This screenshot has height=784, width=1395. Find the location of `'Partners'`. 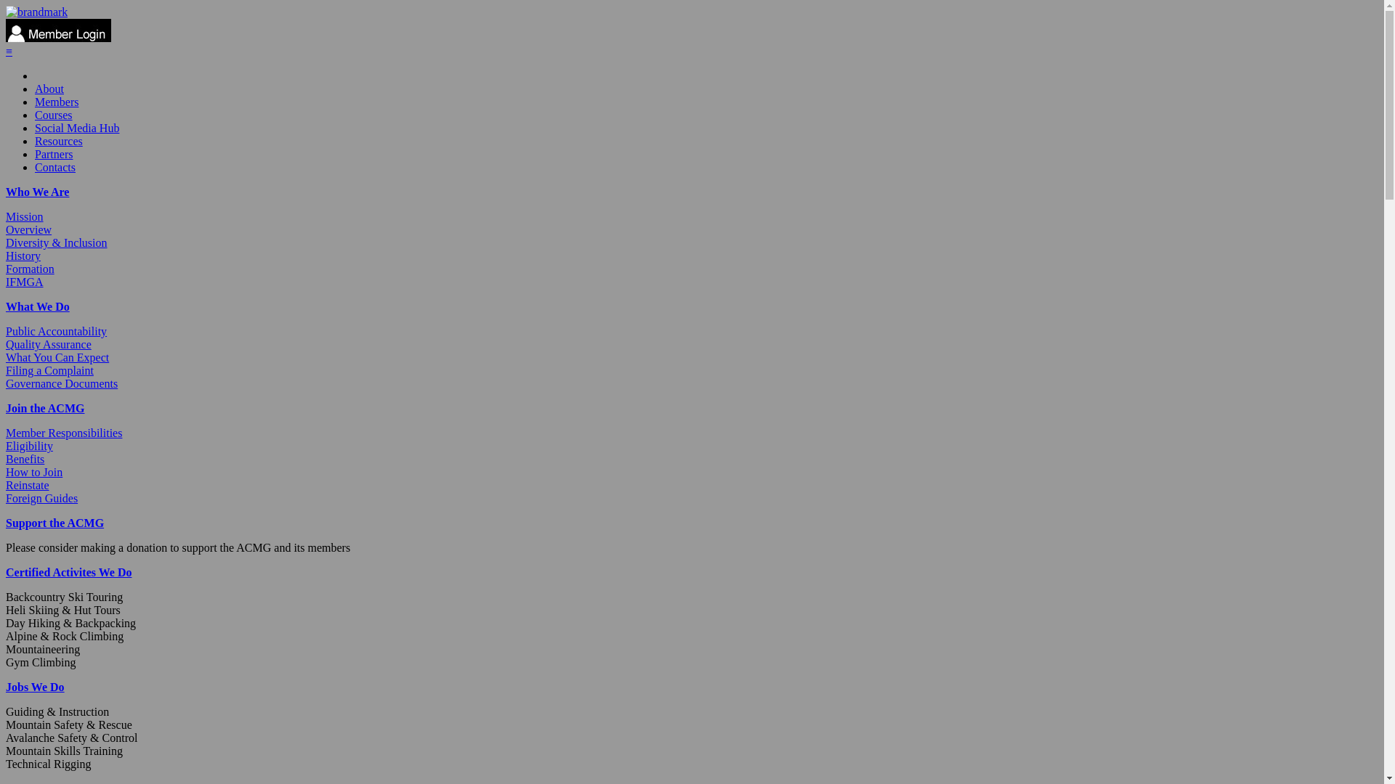

'Partners' is located at coordinates (53, 154).